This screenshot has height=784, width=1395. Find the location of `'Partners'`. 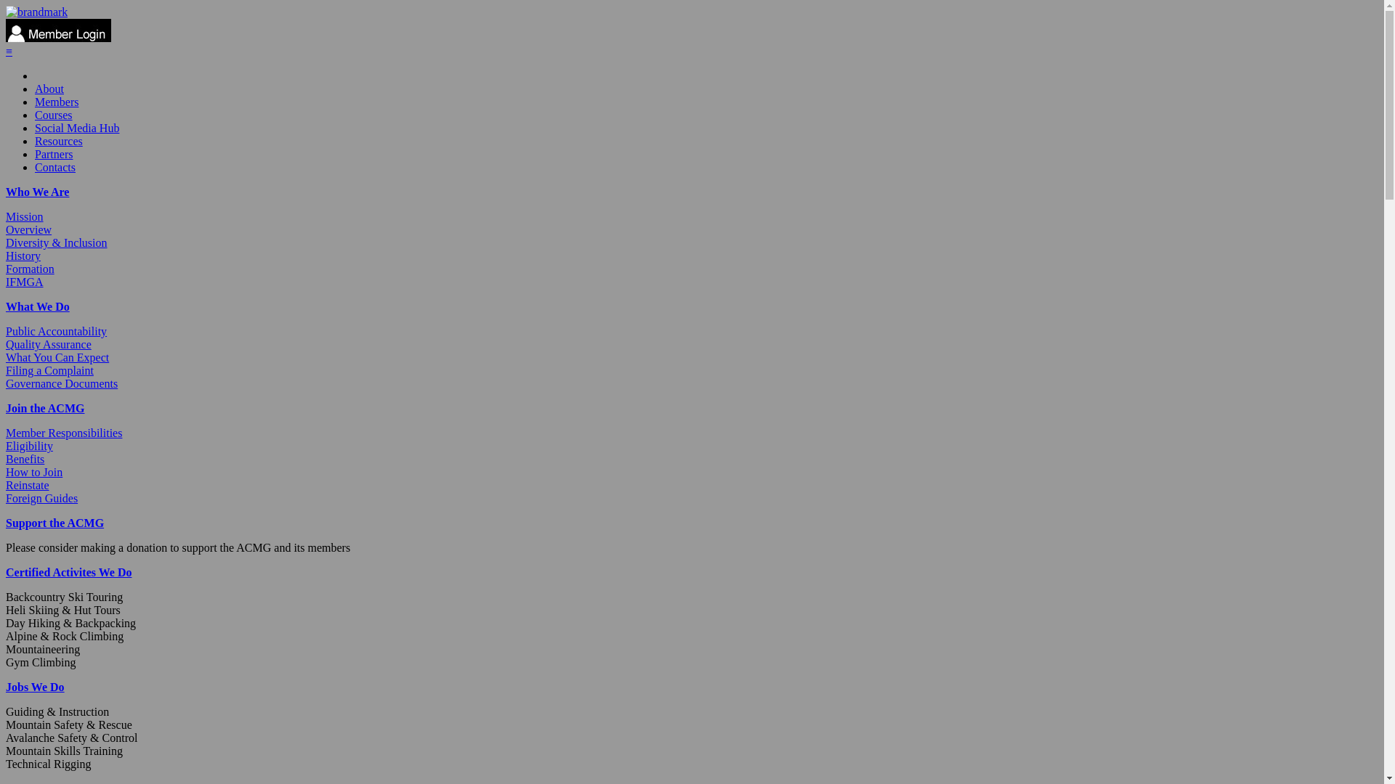

'Partners' is located at coordinates (53, 154).